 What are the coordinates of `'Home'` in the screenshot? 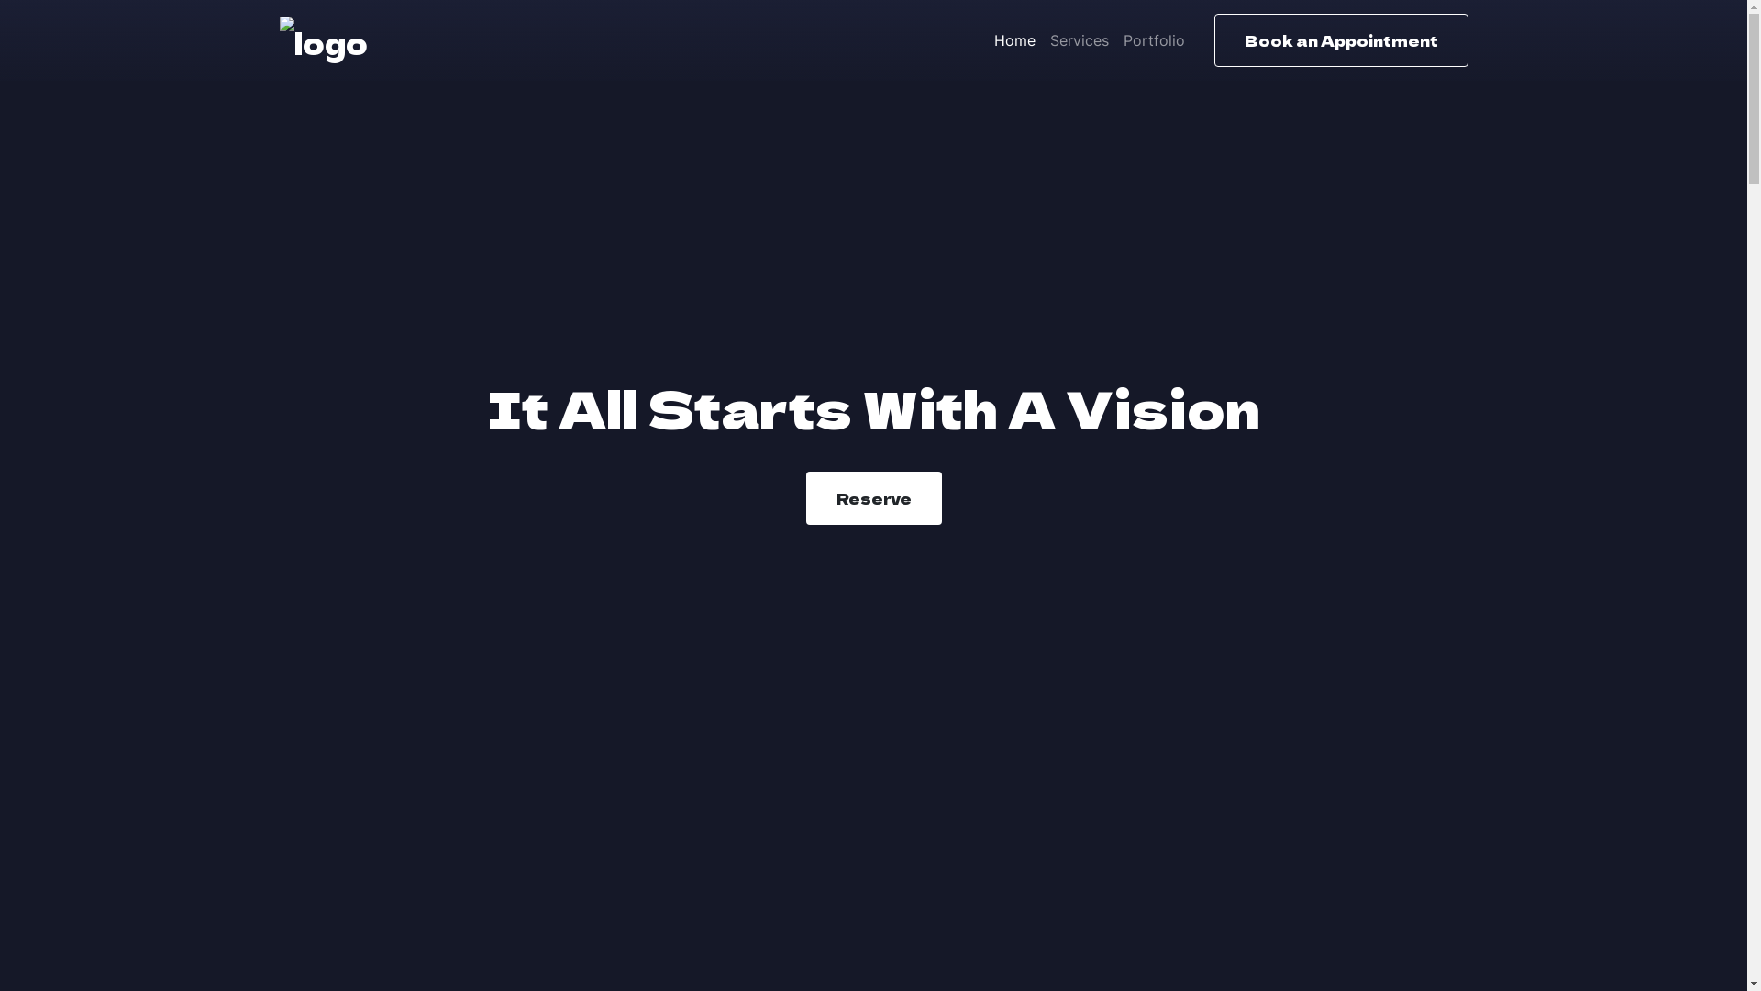 It's located at (1013, 40).